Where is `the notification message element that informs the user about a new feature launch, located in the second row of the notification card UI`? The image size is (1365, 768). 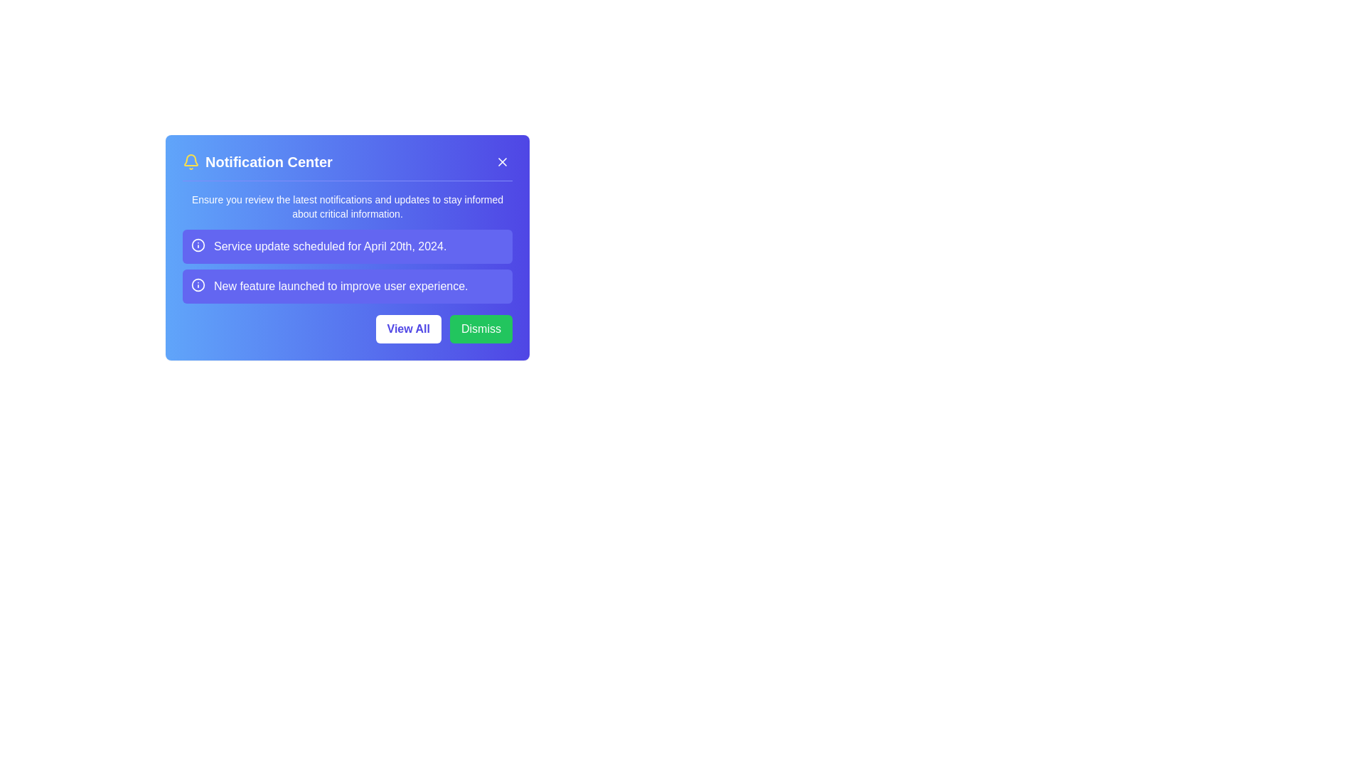
the notification message element that informs the user about a new feature launch, located in the second row of the notification card UI is located at coordinates (340, 286).